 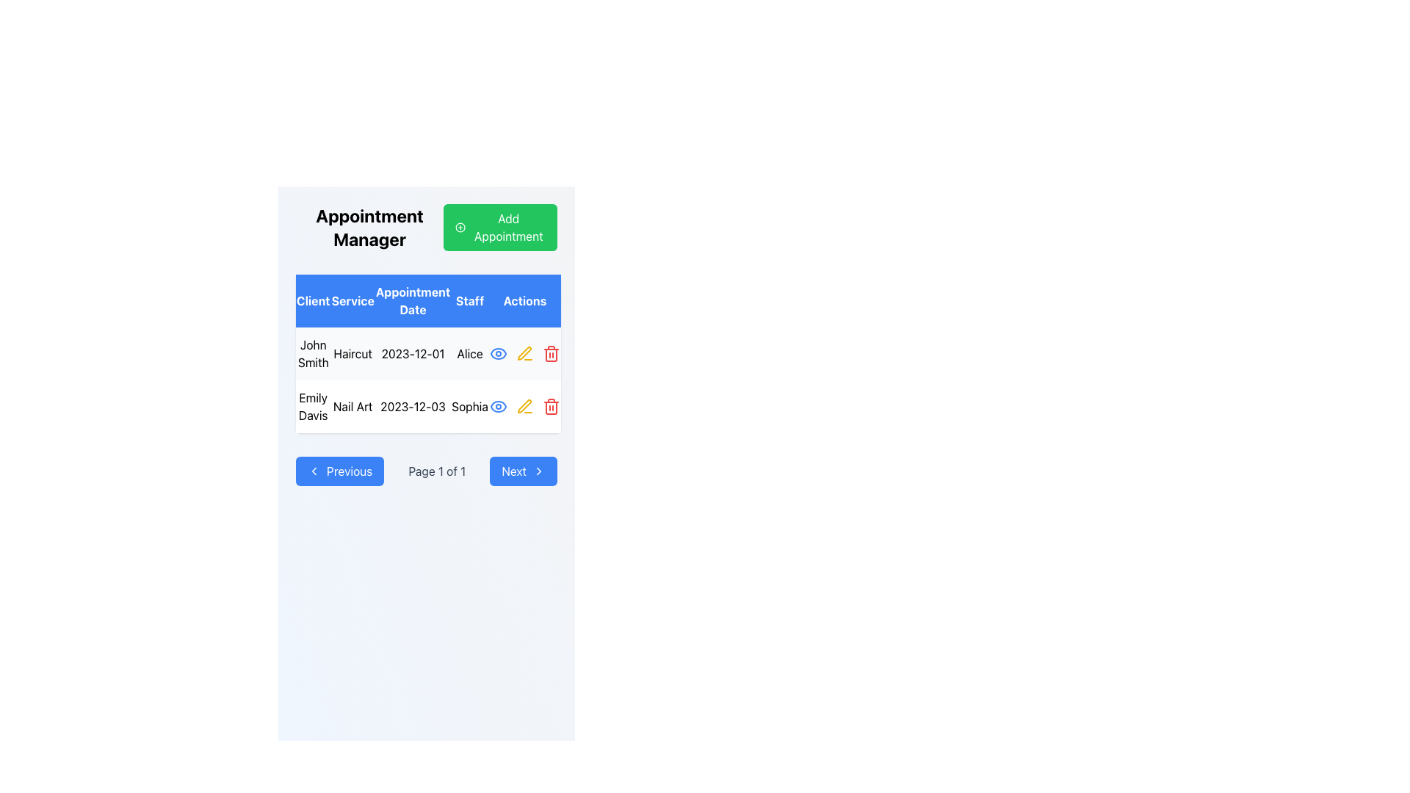 What do you see at coordinates (524, 354) in the screenshot?
I see `the yellow-colored pen icon under the 'Actions' column in the first row of the table corresponding to user 'John Smith' to initiate editing` at bounding box center [524, 354].